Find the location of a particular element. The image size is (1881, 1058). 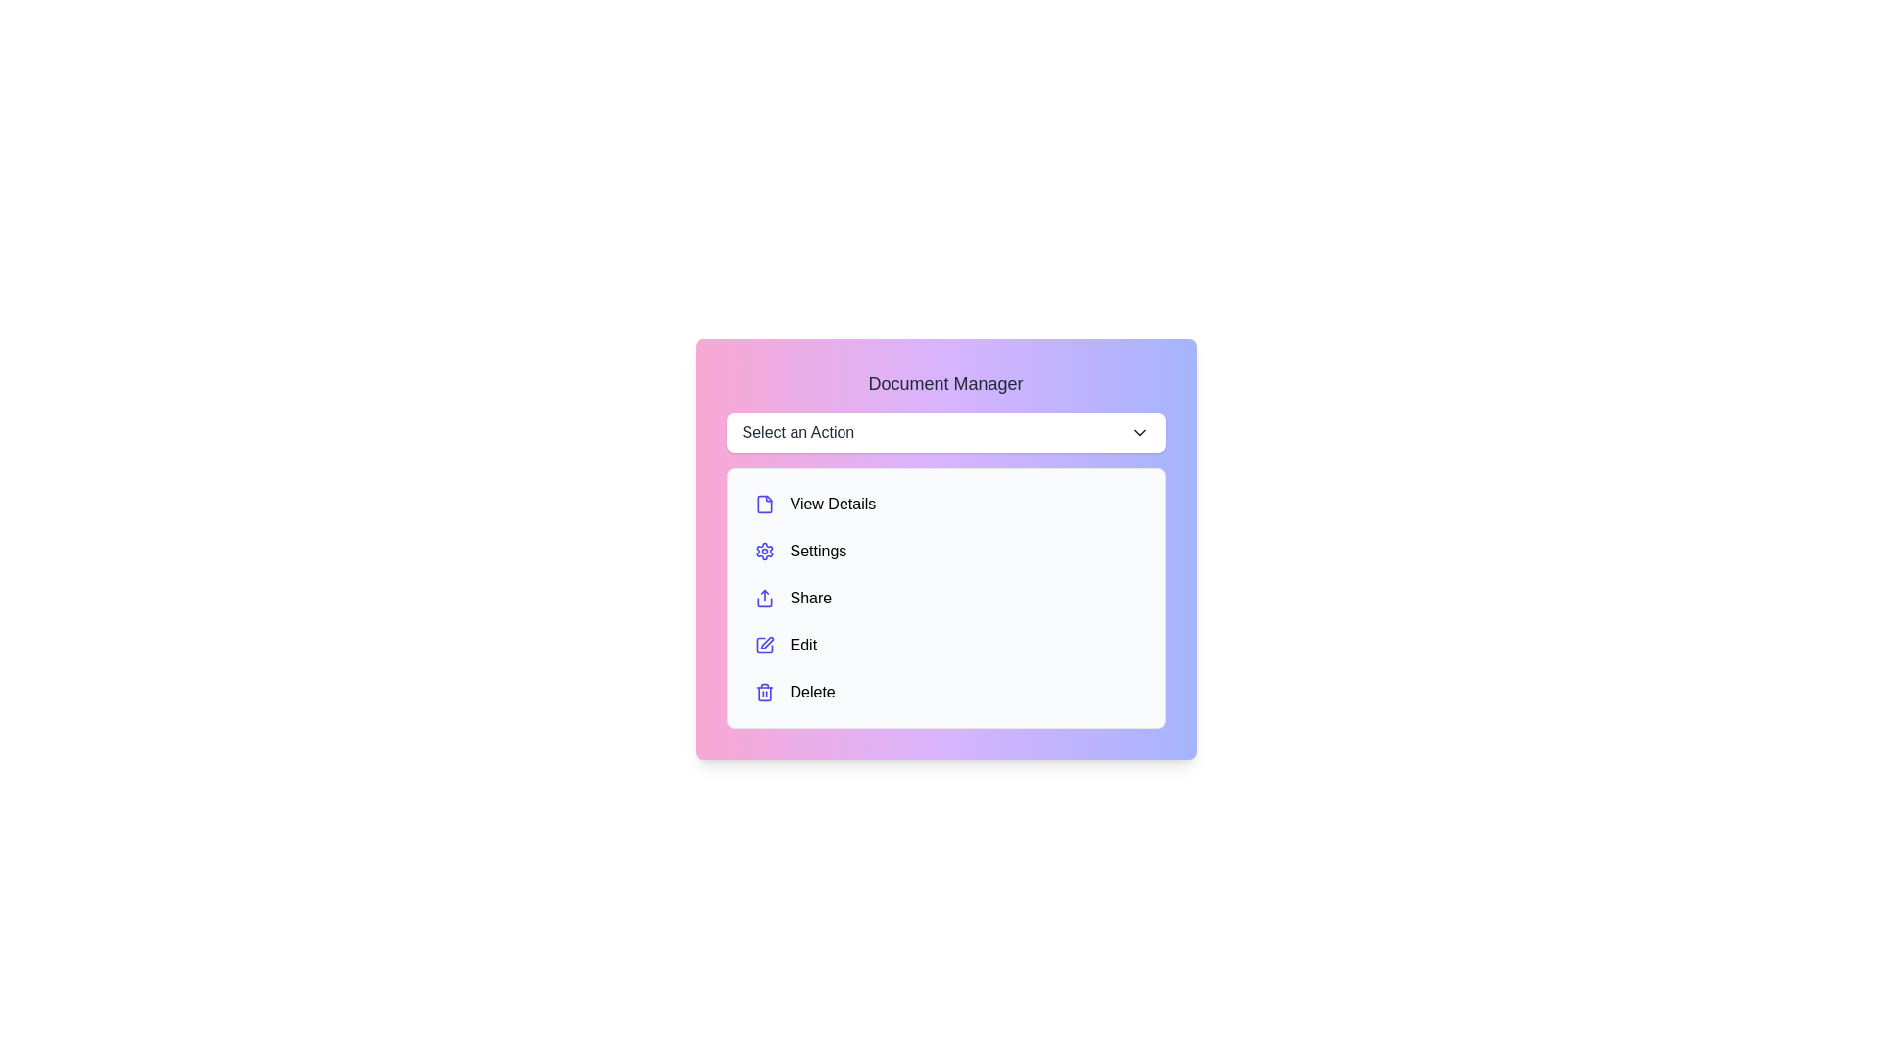

the document icon located within the 'View Details' menu item, positioned to the left of the text is located at coordinates (763, 504).